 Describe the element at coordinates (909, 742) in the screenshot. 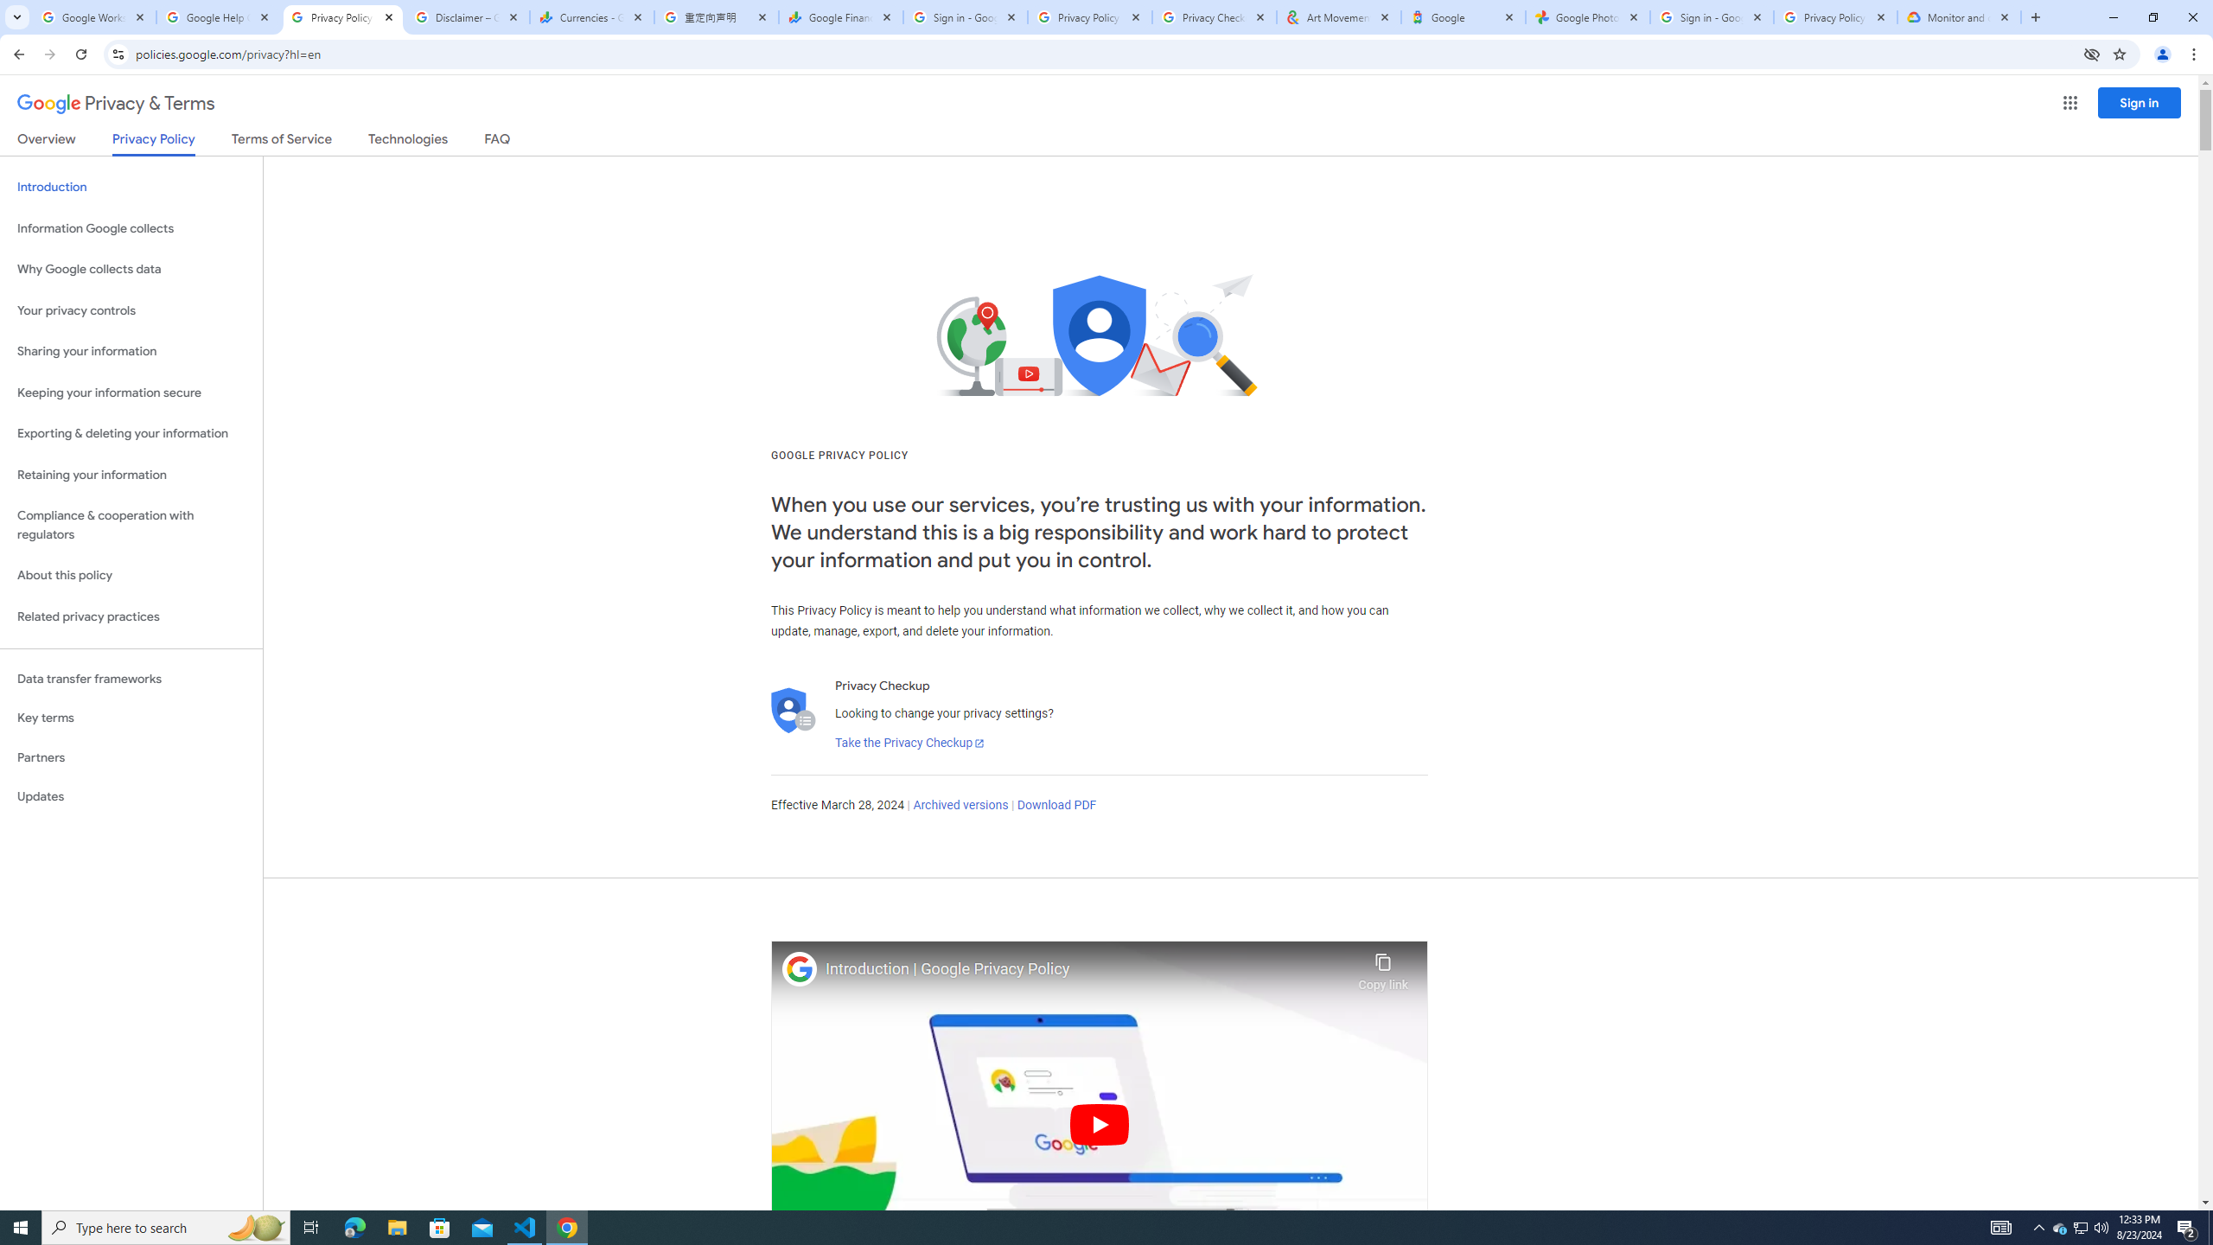

I see `'Take the Privacy Checkup'` at that location.